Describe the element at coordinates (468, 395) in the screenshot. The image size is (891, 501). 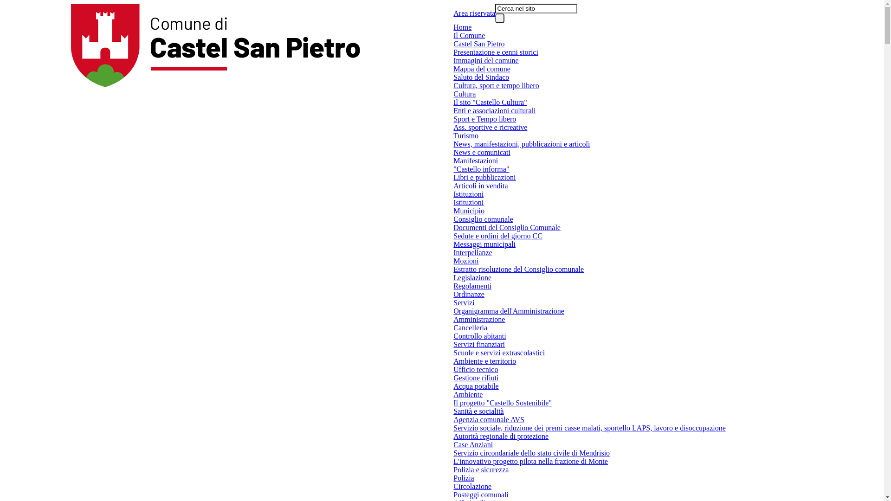
I see `'Ambiente'` at that location.